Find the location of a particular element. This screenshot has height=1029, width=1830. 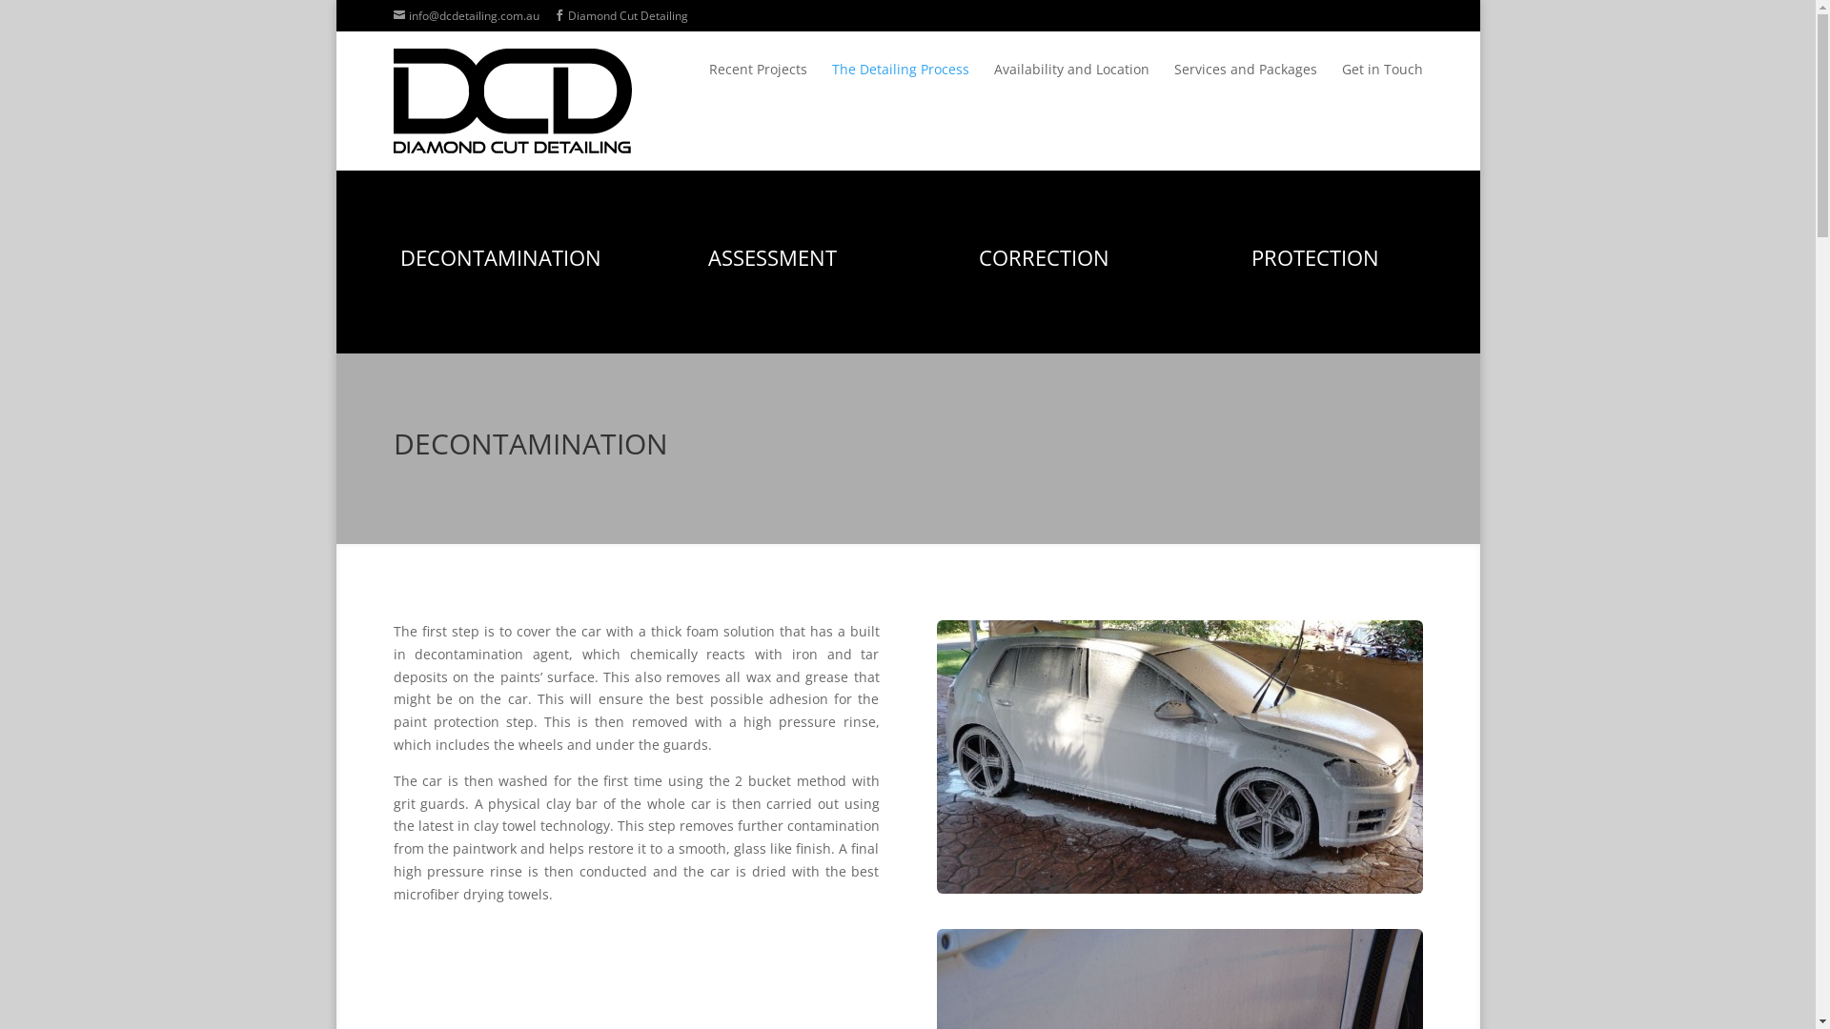

'Recent Projects' is located at coordinates (757, 82).